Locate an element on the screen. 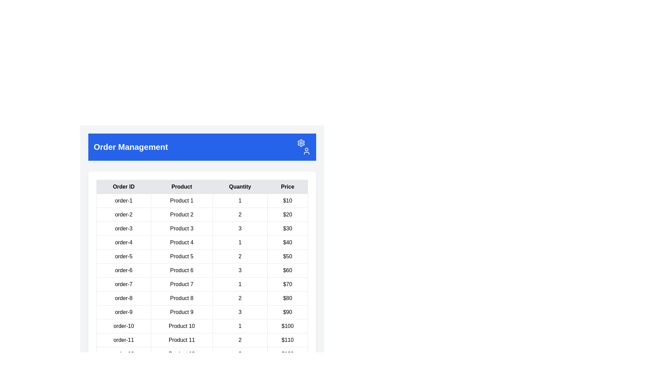  the price label for 'Product 10', located in the last column of the first row of the table as the fourth element among its siblings is located at coordinates (288, 326).